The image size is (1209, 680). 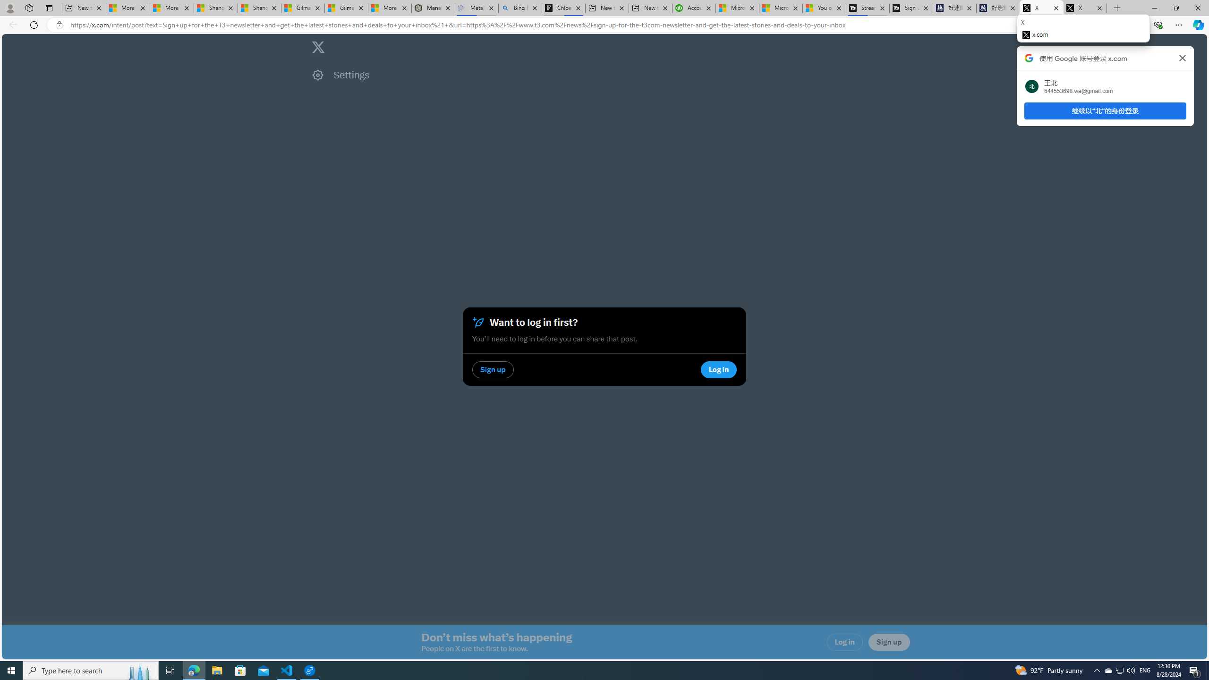 I want to click on 'Log in', so click(x=845, y=642).